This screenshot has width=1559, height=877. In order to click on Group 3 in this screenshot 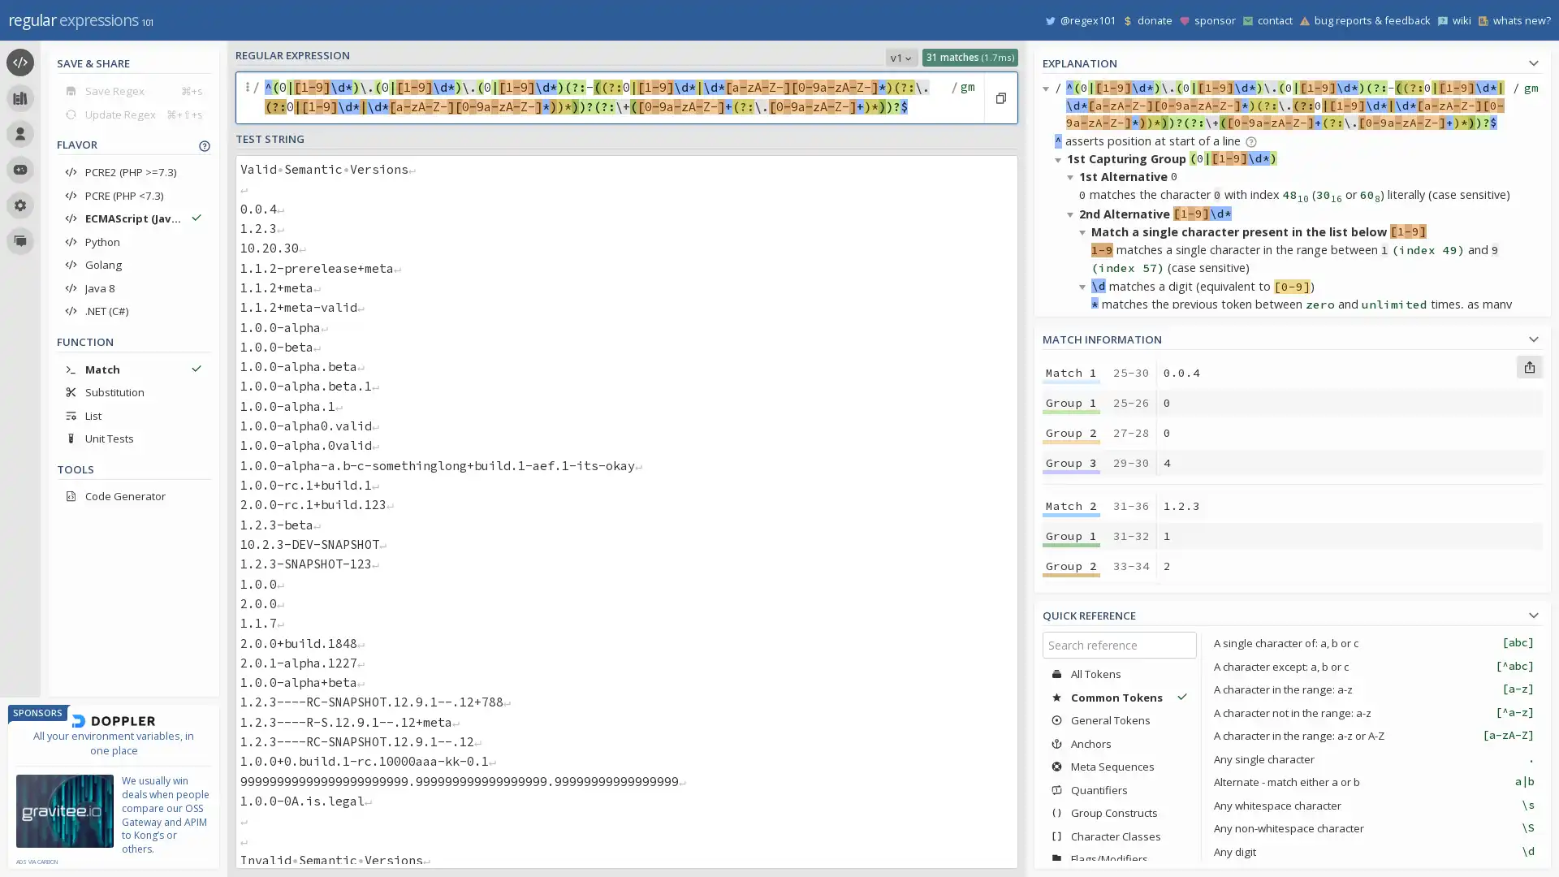, I will do `click(1071, 728)`.